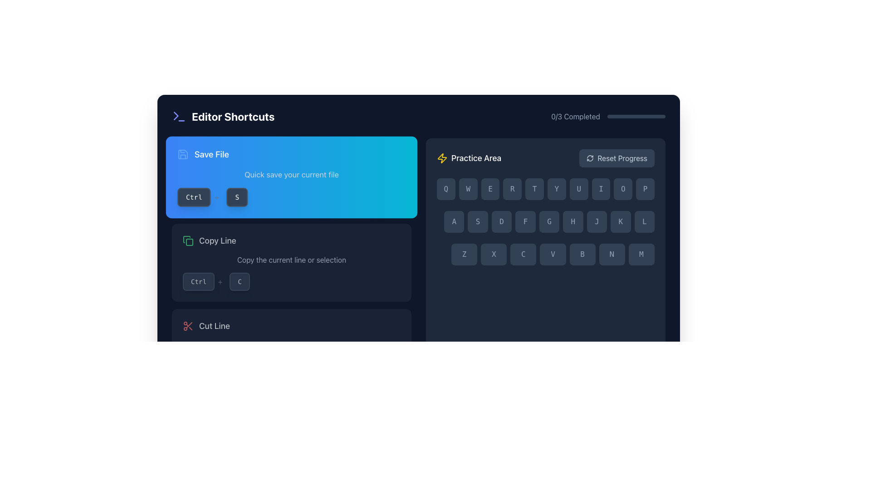  Describe the element at coordinates (292, 177) in the screenshot. I see `information from the informational card displaying the keyboard shortcut for saving files, which is located at the top of the vertical list of shortcut instructions` at that location.